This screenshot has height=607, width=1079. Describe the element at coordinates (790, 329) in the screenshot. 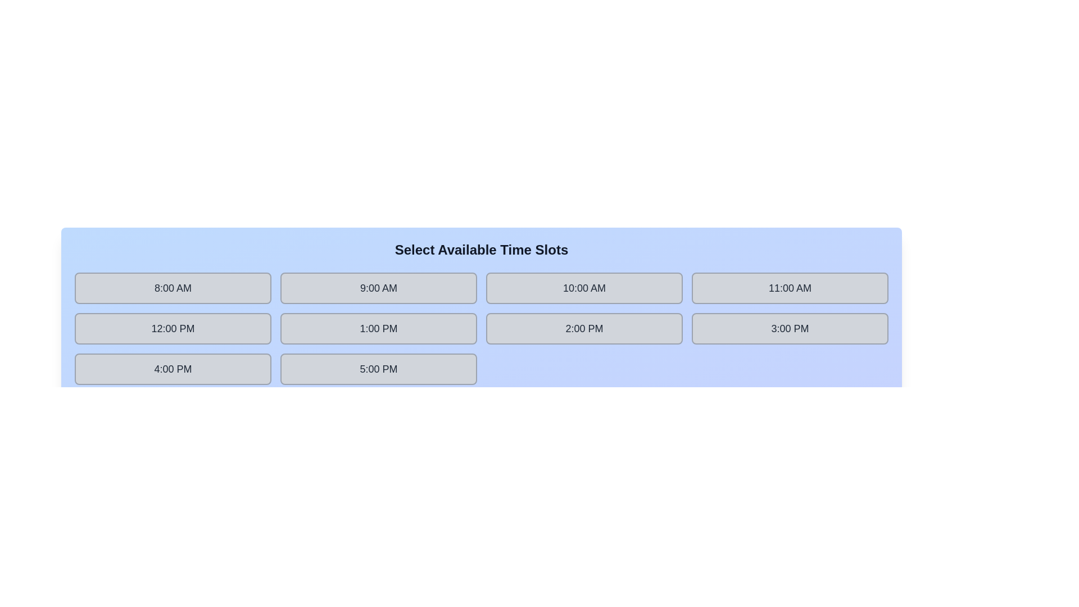

I see `the time slot labeled 3:00 PM` at that location.